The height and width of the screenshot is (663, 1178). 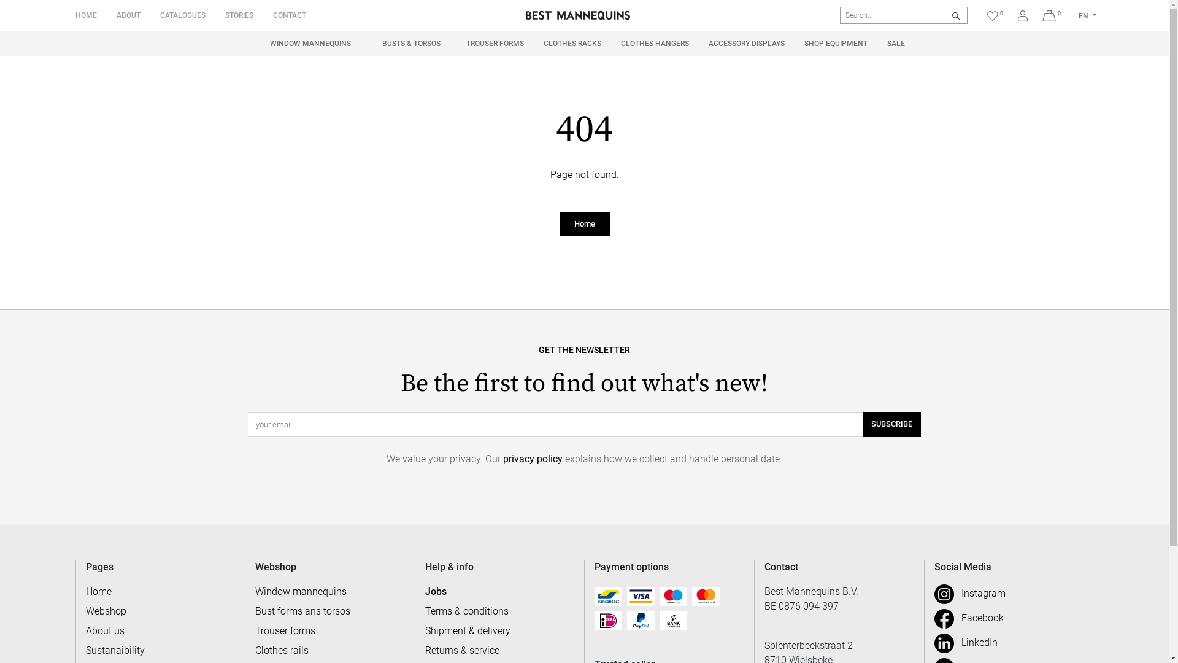 What do you see at coordinates (982, 15) in the screenshot?
I see `'0'` at bounding box center [982, 15].